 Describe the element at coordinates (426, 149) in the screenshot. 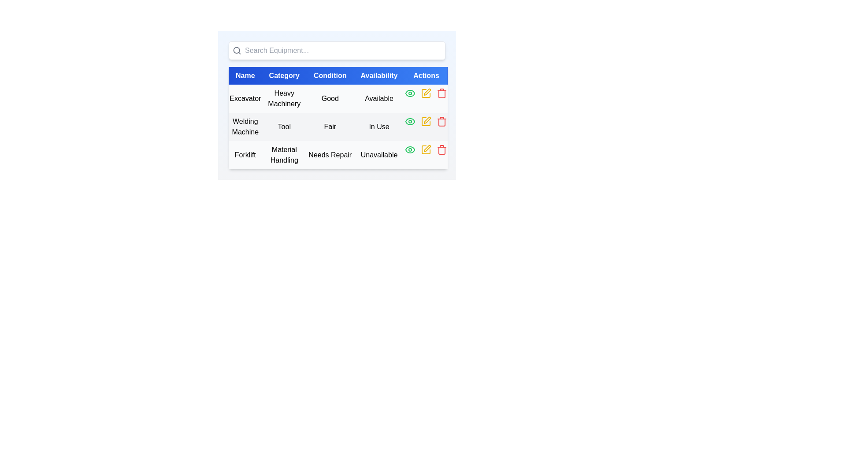

I see `the edit icon base structure in the 'Actions' column for the 'Forklift' entry, which is positioned between the 'view' and 'delete' icons` at that location.